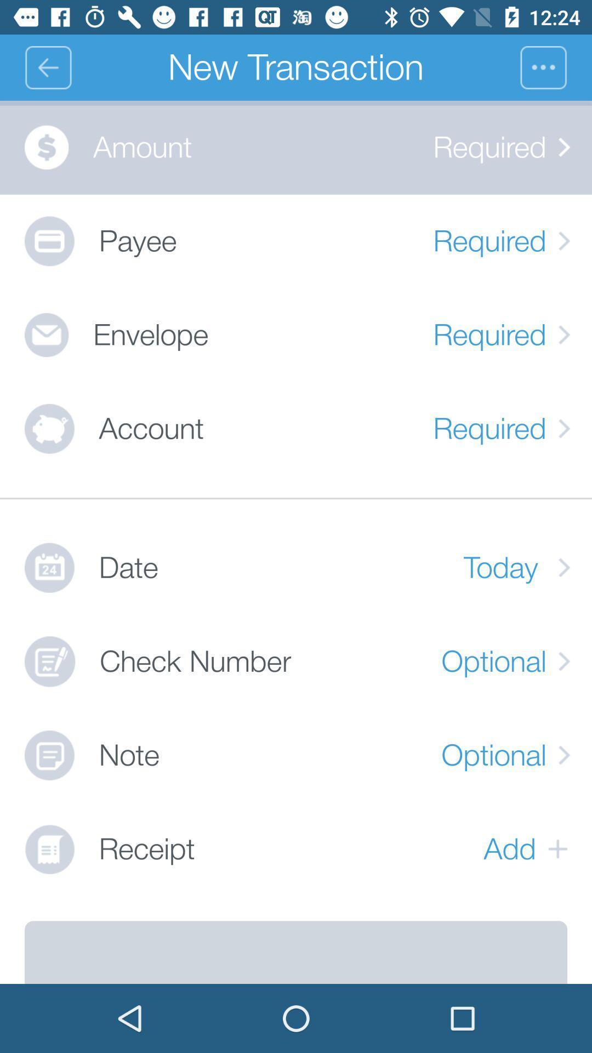 This screenshot has height=1053, width=592. Describe the element at coordinates (47, 67) in the screenshot. I see `the arrow_backward icon` at that location.